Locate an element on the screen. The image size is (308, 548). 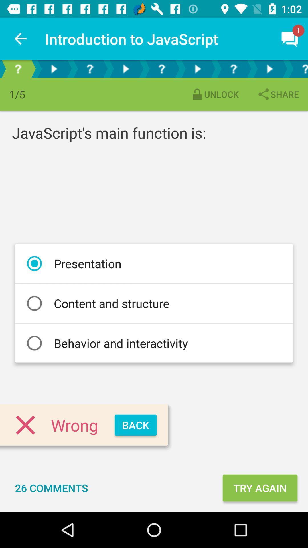
the help icon is located at coordinates (297, 68).